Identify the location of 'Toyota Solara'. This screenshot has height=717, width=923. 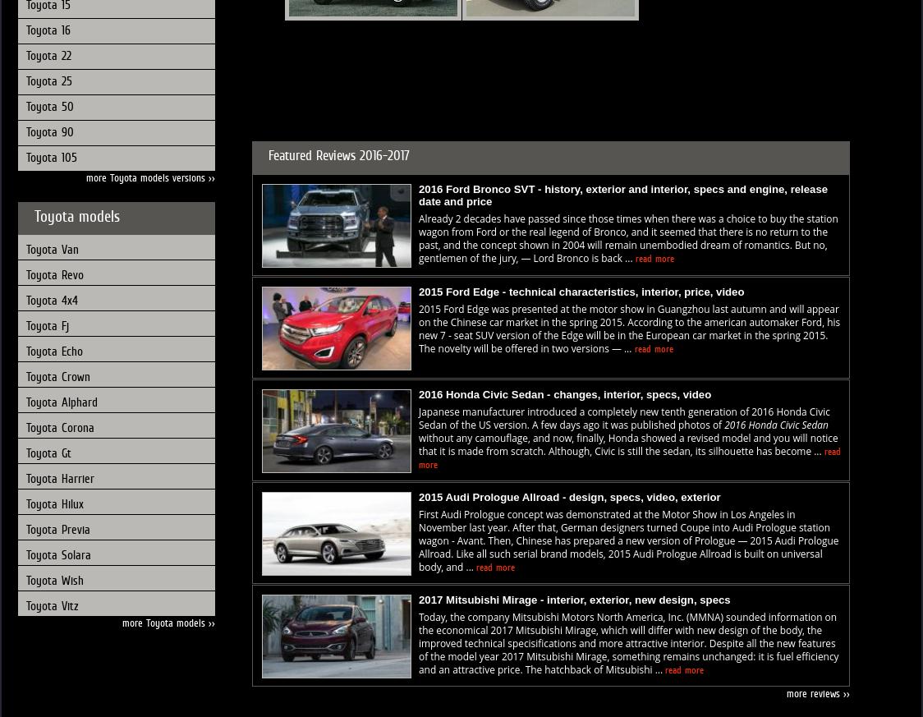
(57, 554).